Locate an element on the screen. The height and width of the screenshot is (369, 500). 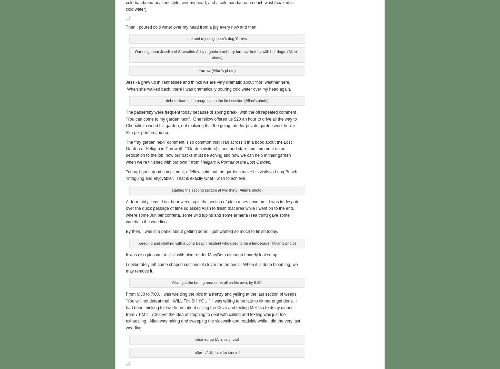
'At four thirty, I could not bear weeding in the section of plain roses anymore.  I was in despair over the quick passage of time so asked Allan to finish that area while I went on to the end, where some Juniper conferta, some wild lupins and some armeria (sea thrift) gave some variety to the weeding.' is located at coordinates (211, 211).